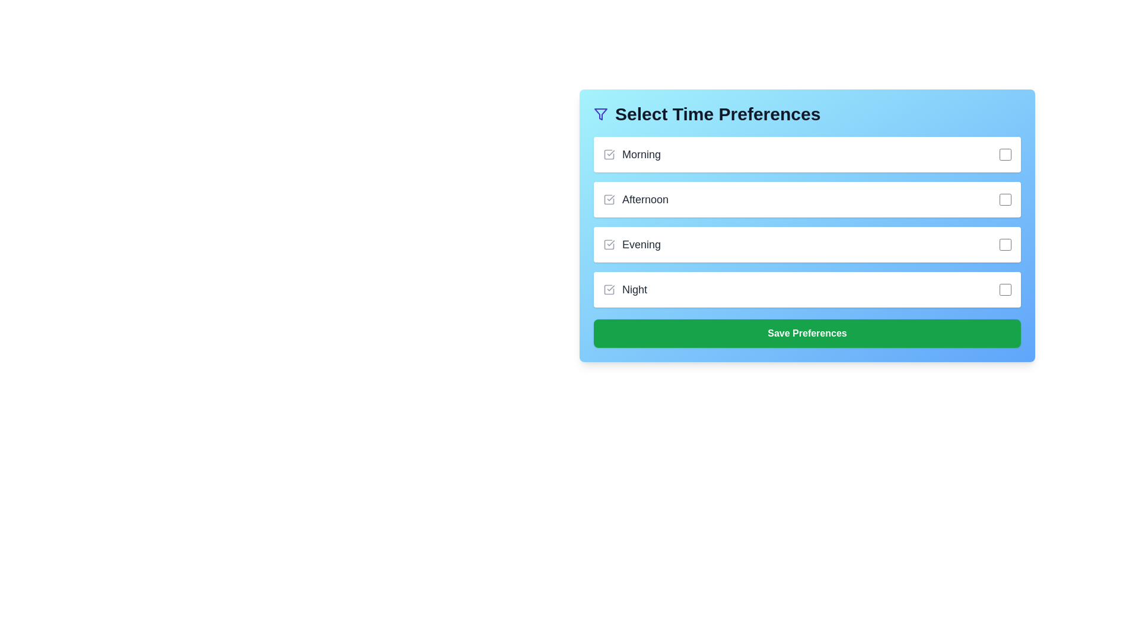 The height and width of the screenshot is (640, 1139). What do you see at coordinates (634, 290) in the screenshot?
I see `text of the label indicating the 'Night' time preference, which is the fourth item in the list of time preferences located below 'Evening'` at bounding box center [634, 290].